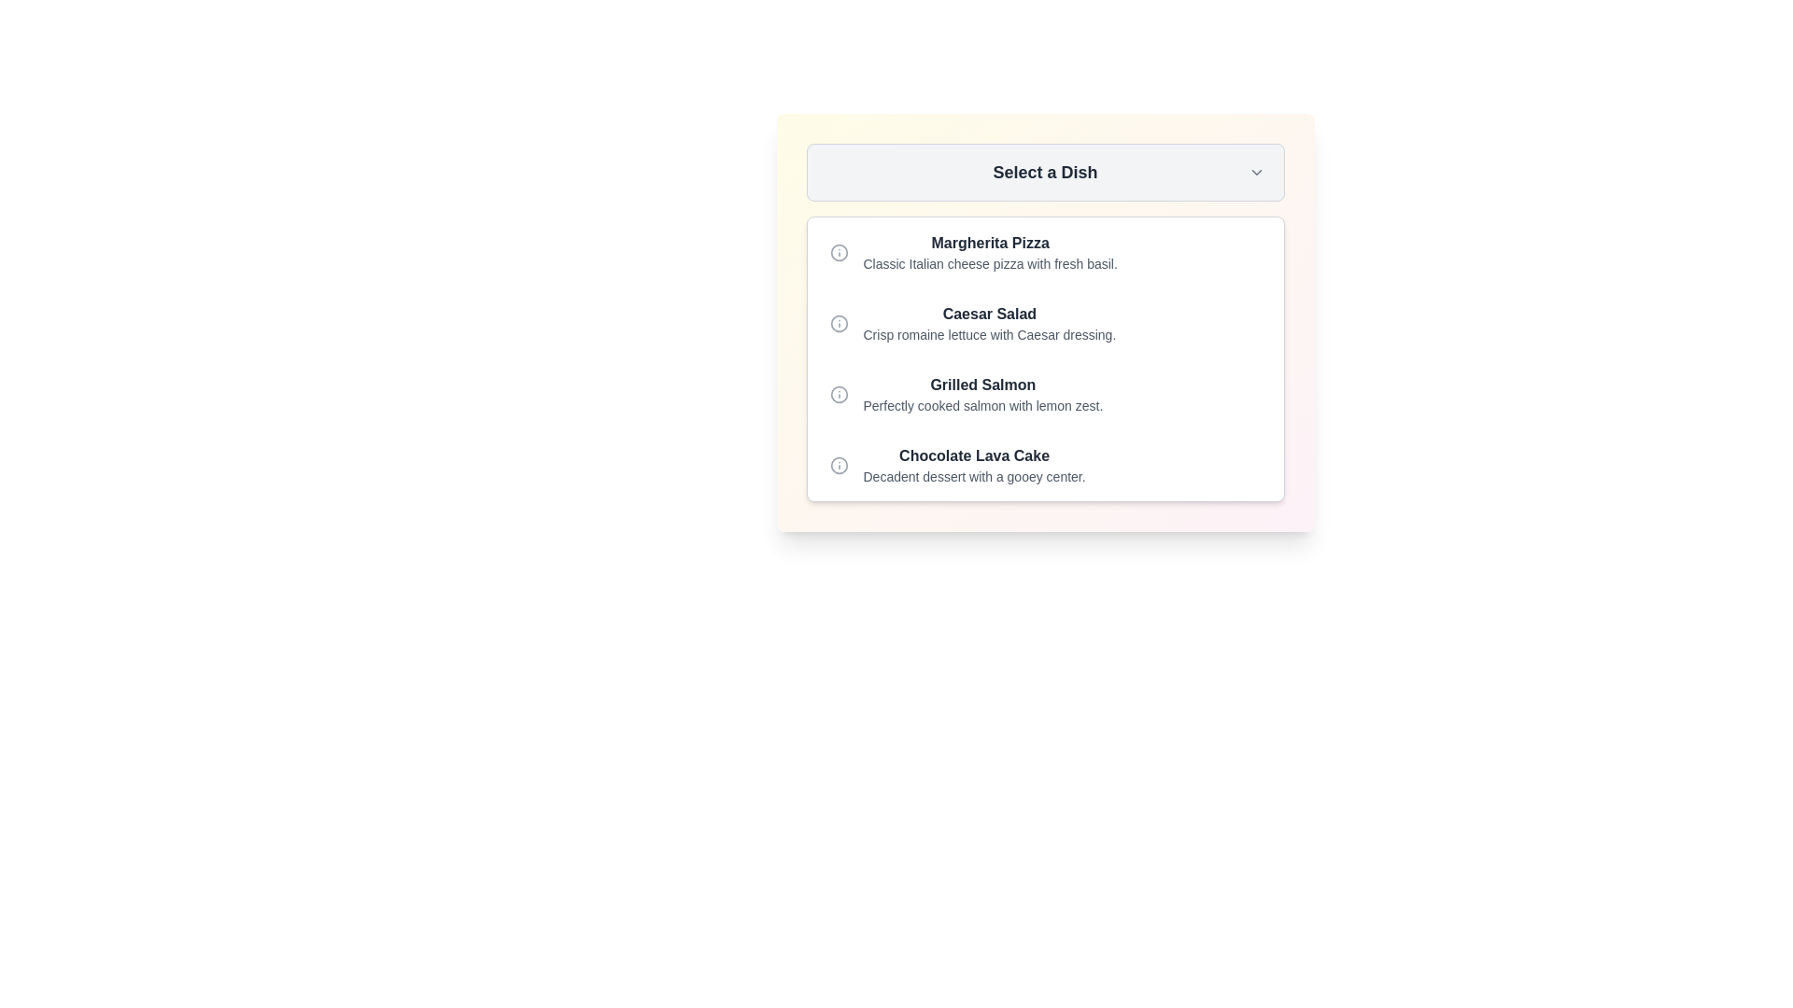  Describe the element at coordinates (1044, 252) in the screenshot. I see `the selectable menu item titled 'Margherita Pizza'` at that location.